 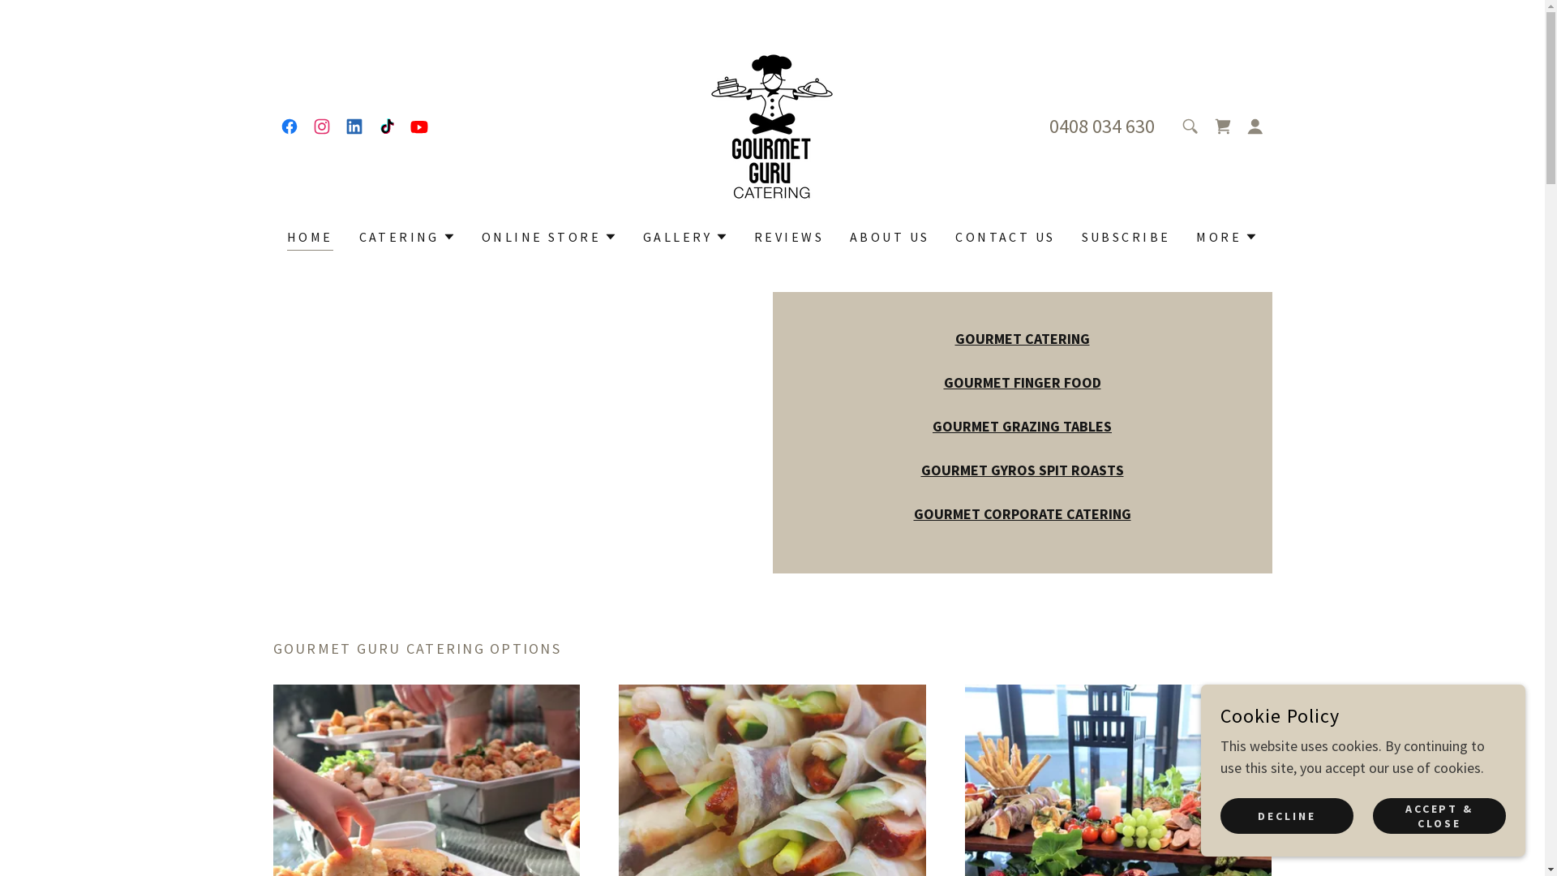 What do you see at coordinates (1439, 816) in the screenshot?
I see `'ACCEPT & CLOSE'` at bounding box center [1439, 816].